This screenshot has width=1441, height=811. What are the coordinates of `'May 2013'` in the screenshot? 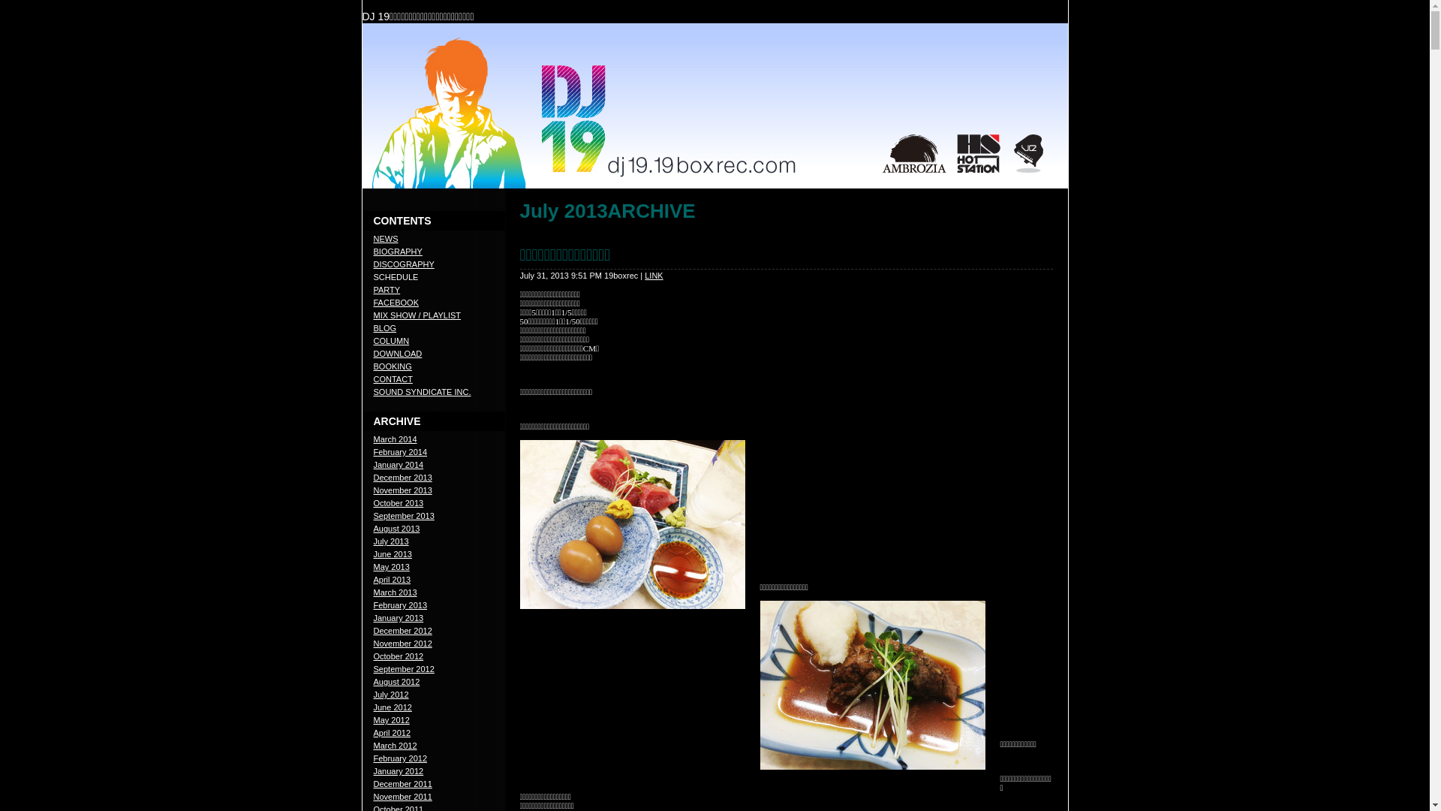 It's located at (392, 567).